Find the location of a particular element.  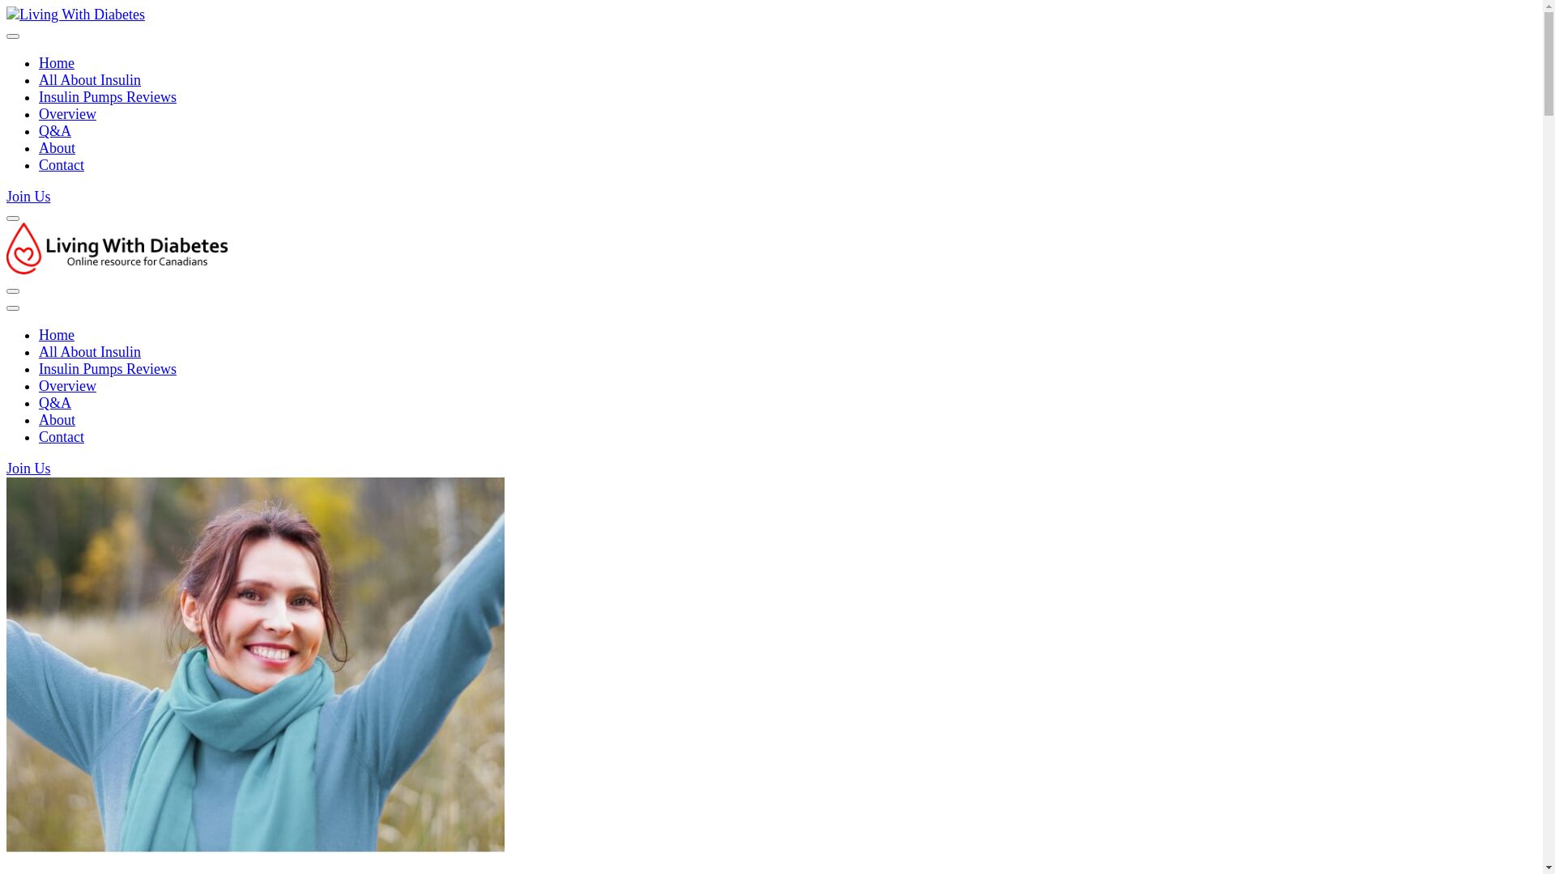

'Overview' is located at coordinates (66, 113).